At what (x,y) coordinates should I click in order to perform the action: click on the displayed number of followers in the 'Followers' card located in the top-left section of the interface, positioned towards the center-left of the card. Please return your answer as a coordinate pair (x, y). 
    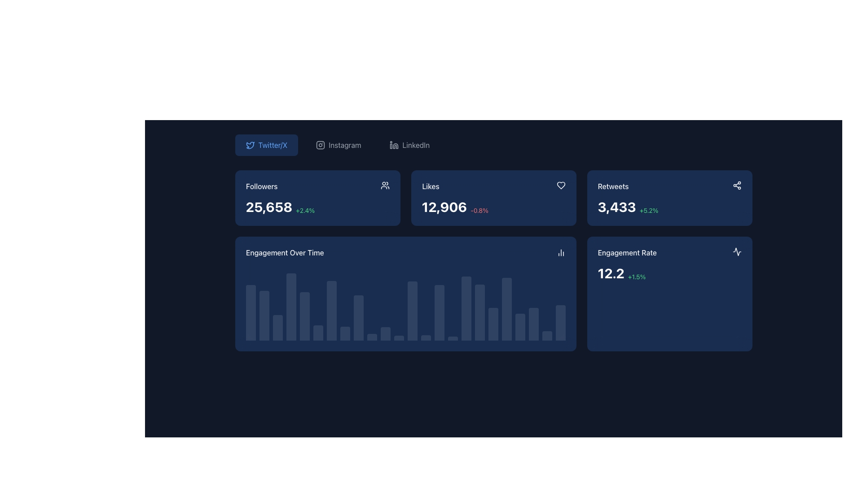
    Looking at the image, I should click on (268, 207).